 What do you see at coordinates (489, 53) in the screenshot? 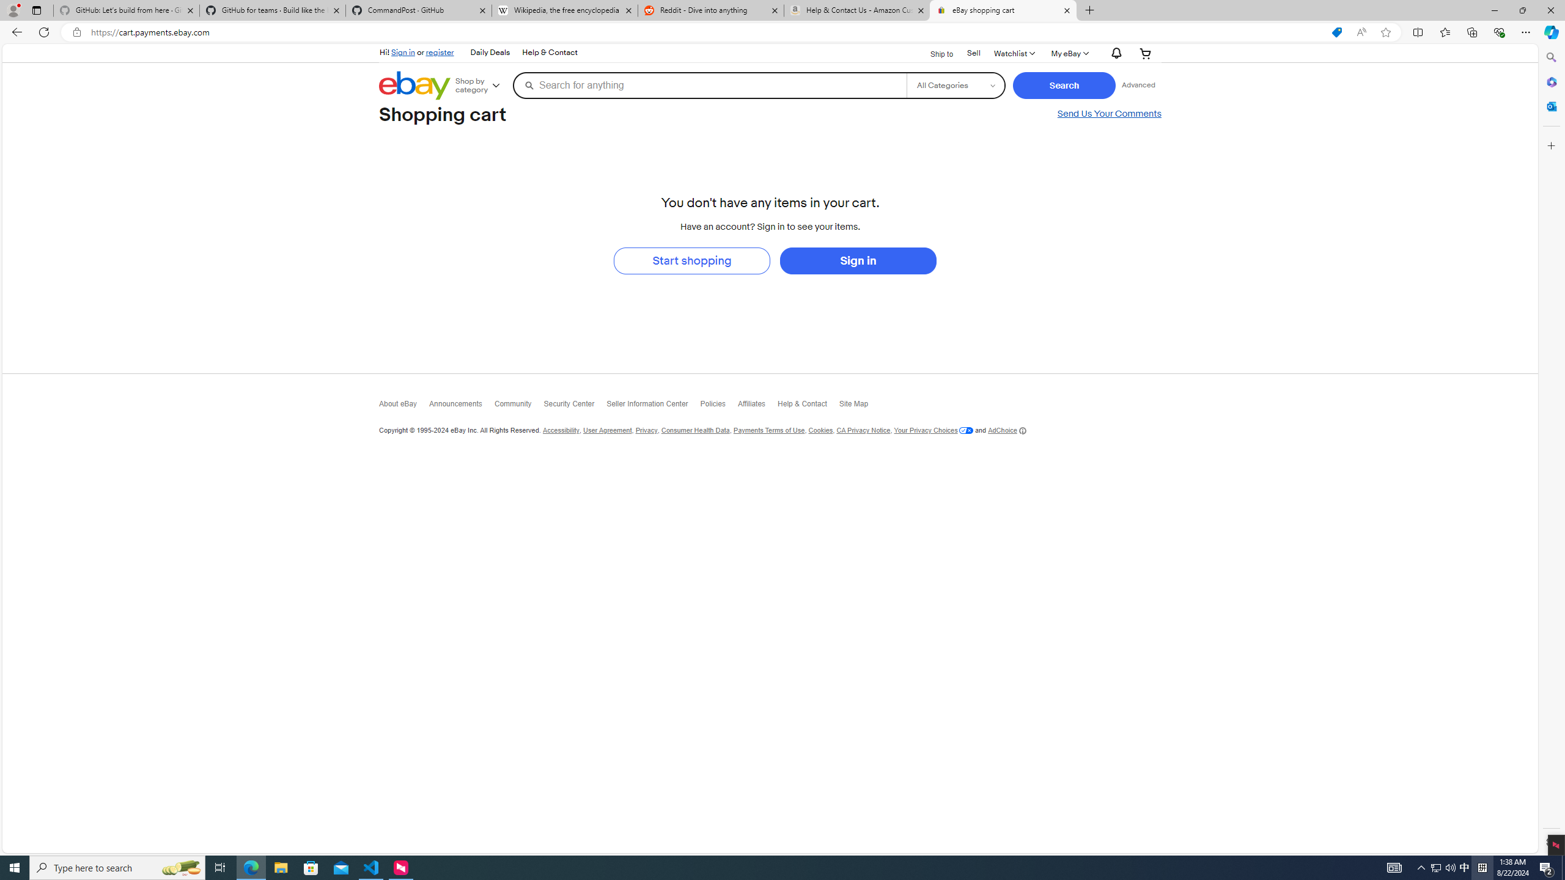
I see `'Daily Deals'` at bounding box center [489, 53].